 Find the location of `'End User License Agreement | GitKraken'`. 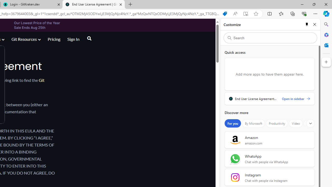

'End User License Agreement | GitKraken' is located at coordinates (93, 4).